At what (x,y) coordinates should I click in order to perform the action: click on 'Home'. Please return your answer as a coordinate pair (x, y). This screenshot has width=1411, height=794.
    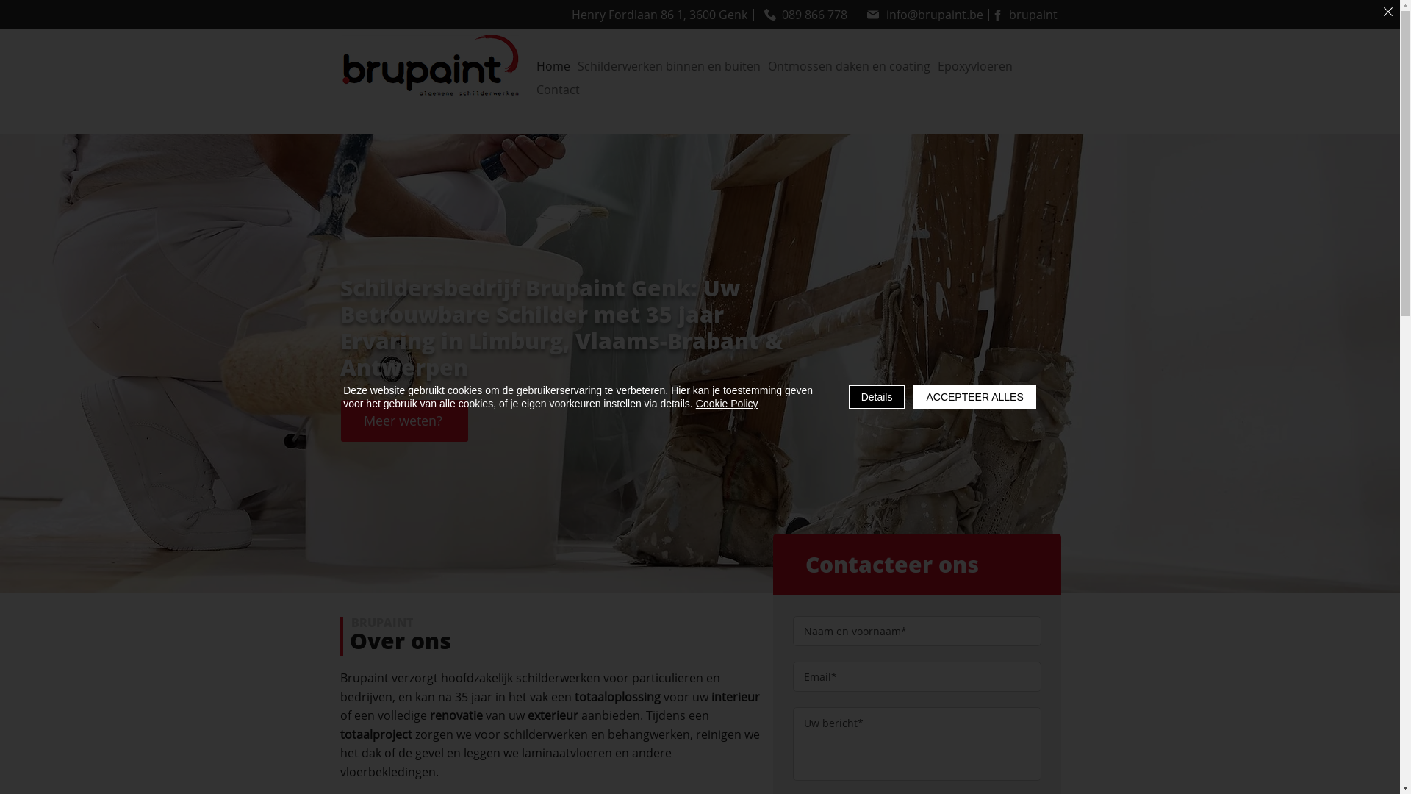
    Looking at the image, I should click on (553, 65).